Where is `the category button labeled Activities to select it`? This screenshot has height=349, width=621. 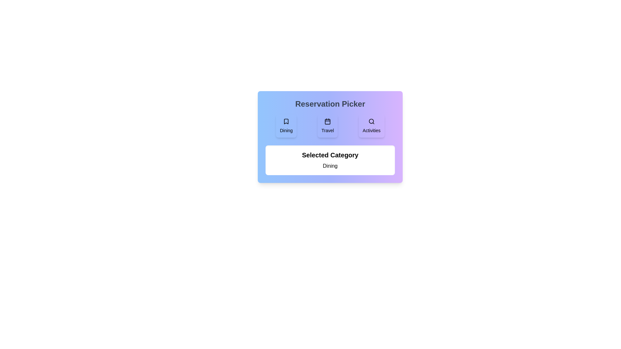 the category button labeled Activities to select it is located at coordinates (371, 126).